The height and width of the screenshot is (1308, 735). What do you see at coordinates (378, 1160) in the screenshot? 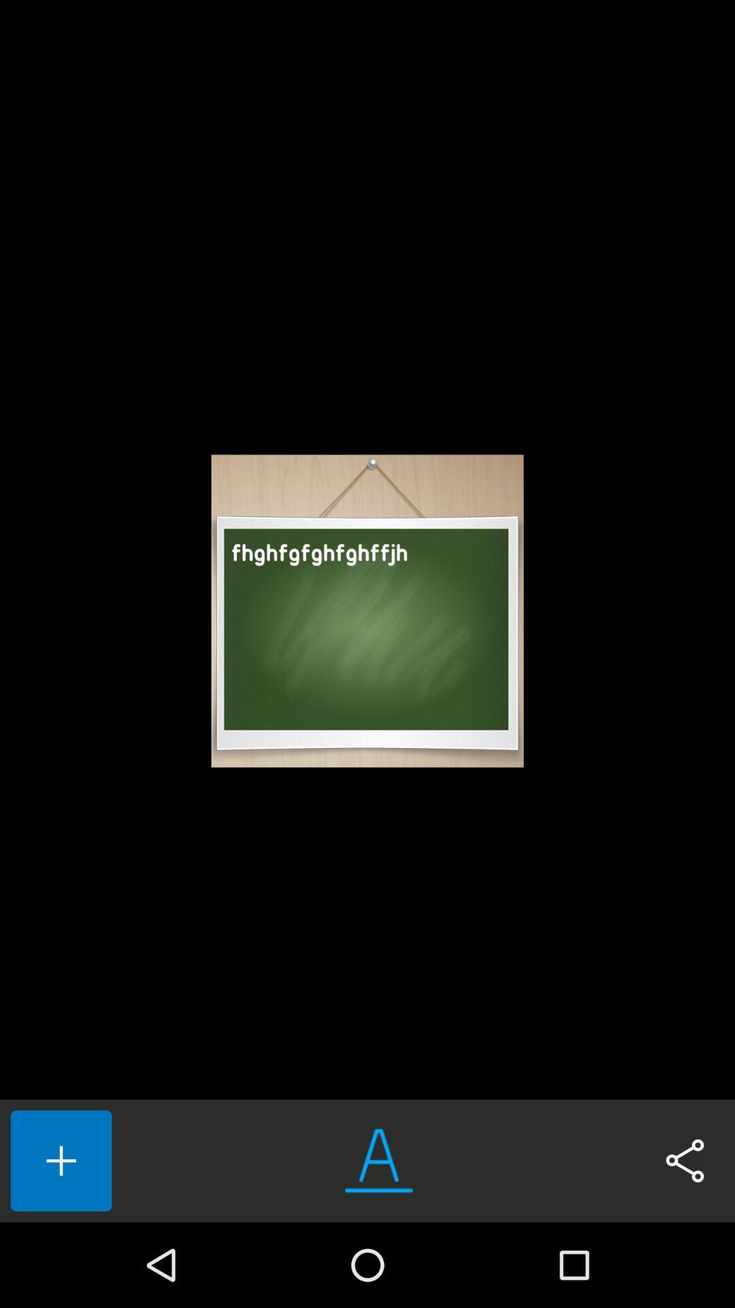
I see `the font icon` at bounding box center [378, 1160].